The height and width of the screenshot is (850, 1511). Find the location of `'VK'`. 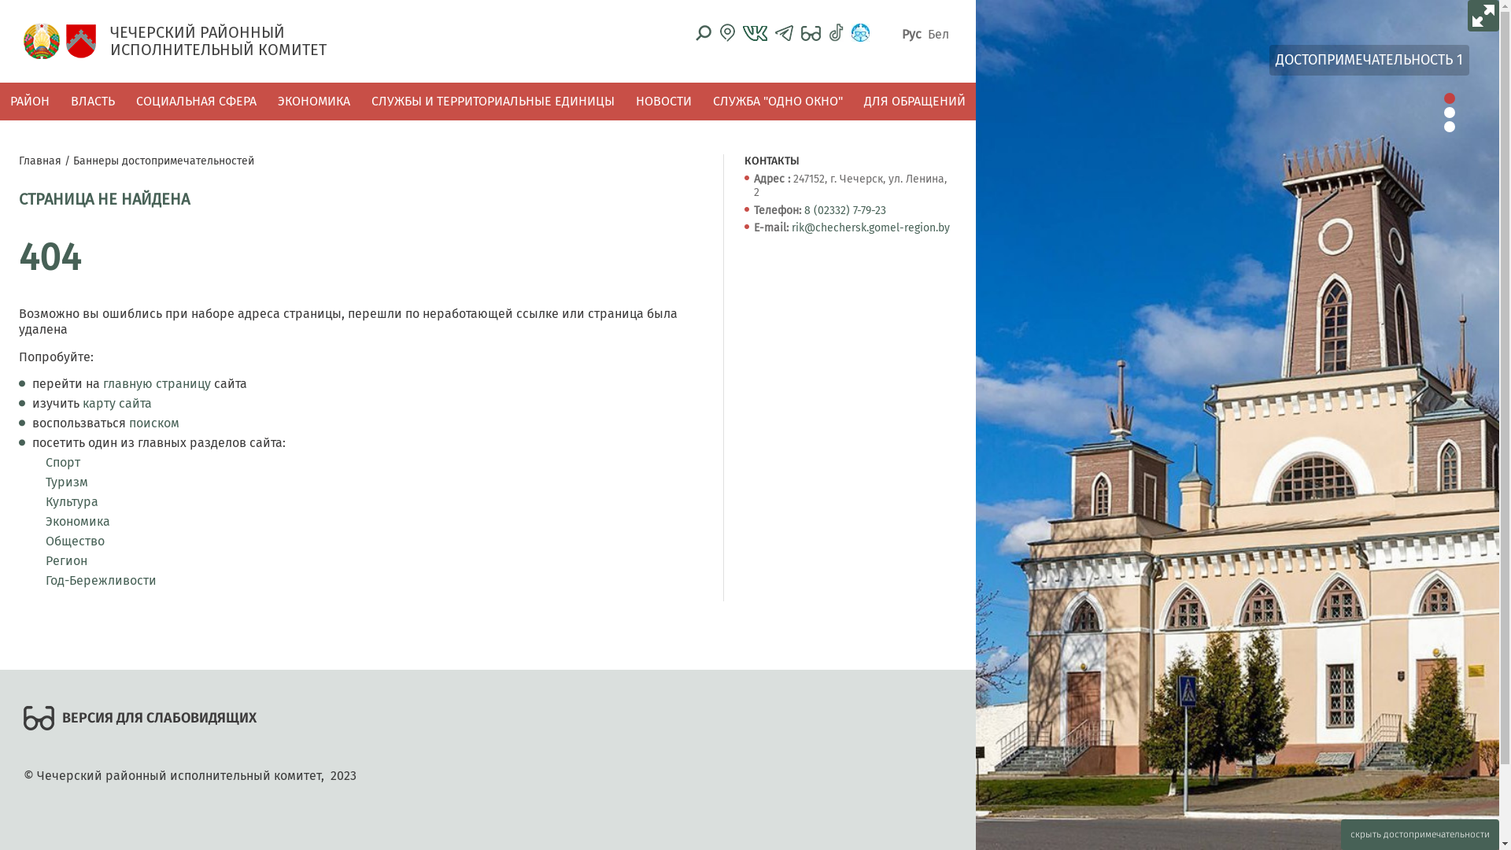

'VK' is located at coordinates (754, 33).